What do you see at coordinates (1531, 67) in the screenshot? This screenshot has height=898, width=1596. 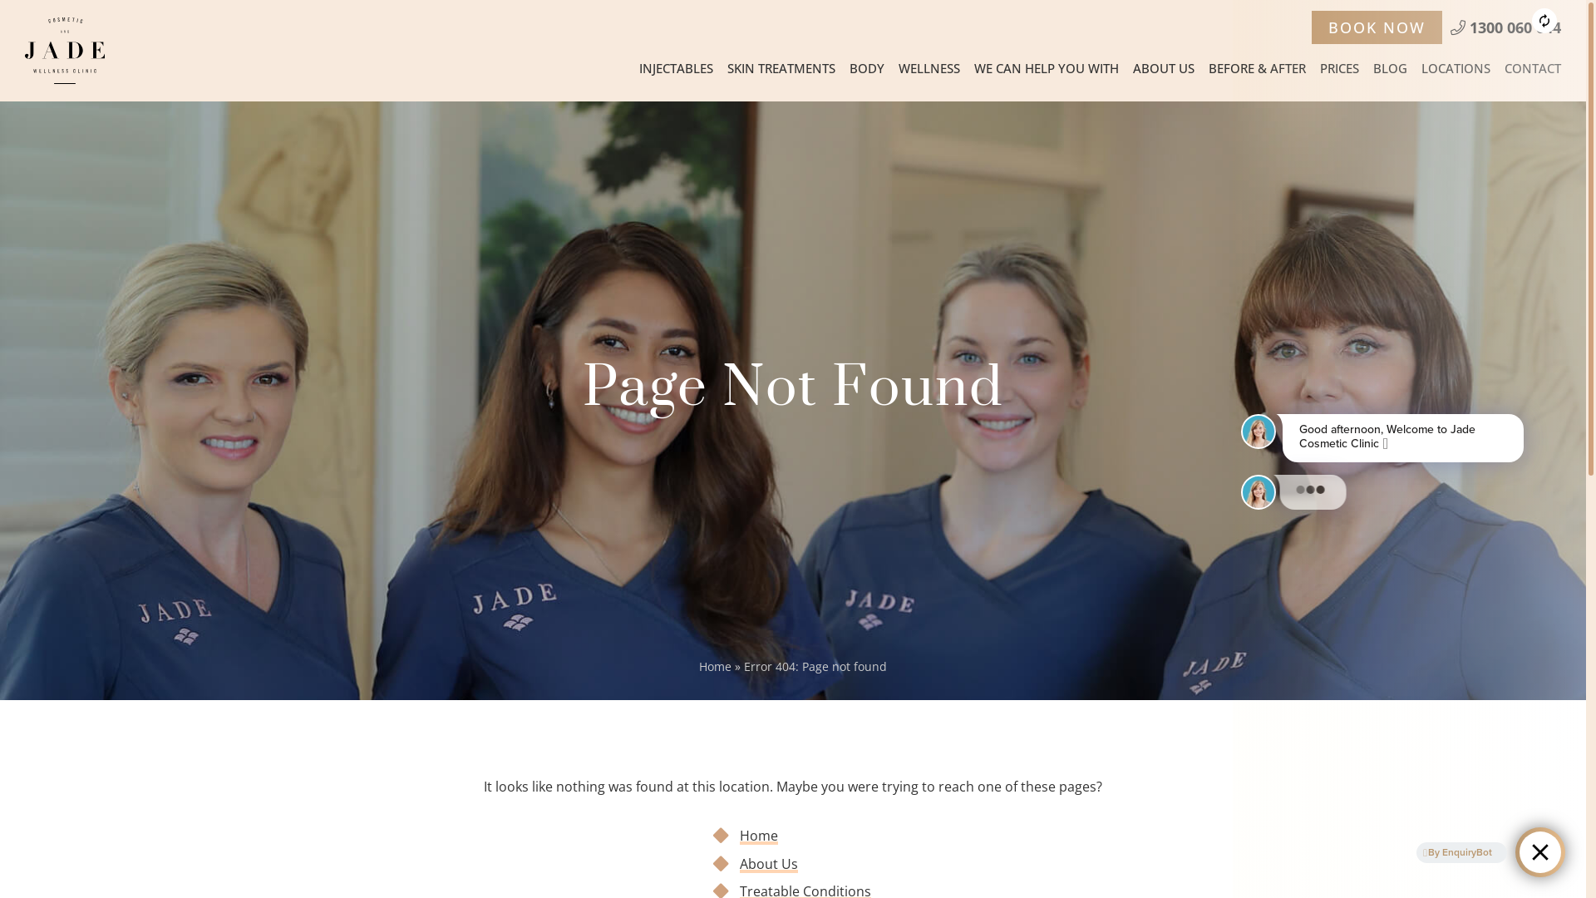 I see `'CONTACT'` at bounding box center [1531, 67].